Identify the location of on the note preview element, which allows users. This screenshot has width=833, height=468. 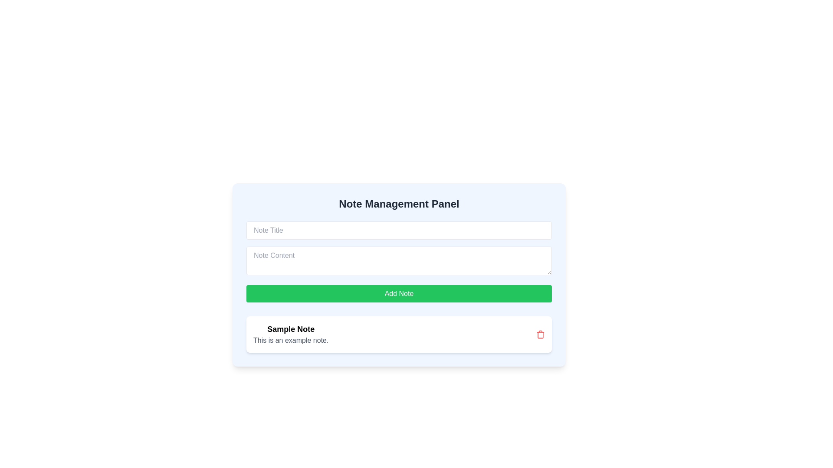
(399, 334).